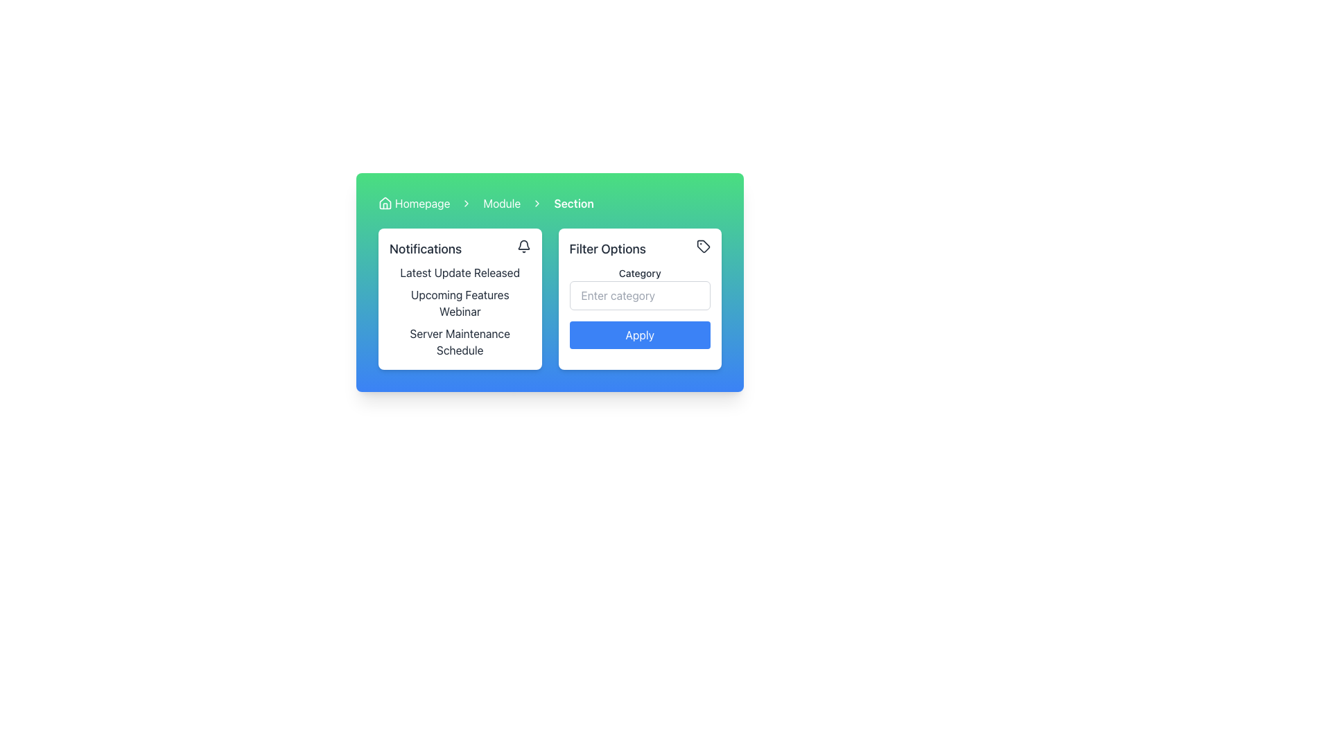 Image resolution: width=1331 pixels, height=748 pixels. I want to click on the chevron icon that separates the 'Module' and 'Section' texts in the breadcrumbs, indicating a navigational relationship, so click(537, 203).